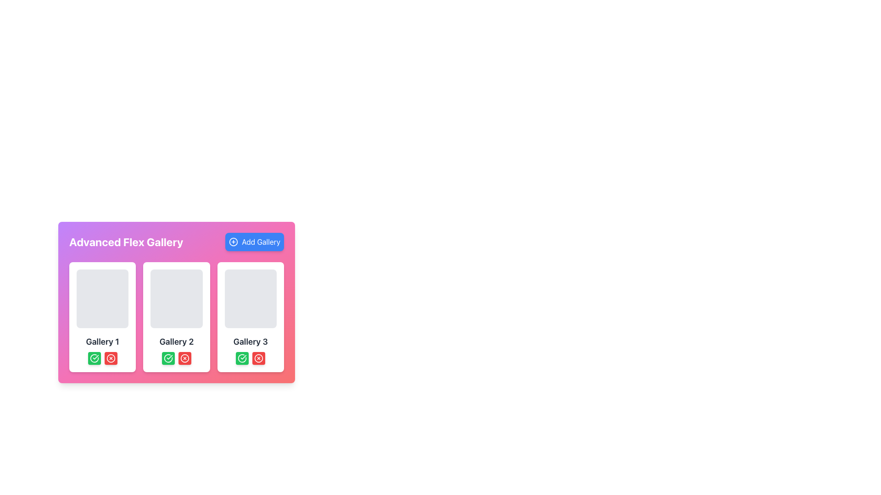  I want to click on the green button in the Button Group located within the 'Gallery 2' card, which has a white checkmark icon on a green background, so click(176, 358).